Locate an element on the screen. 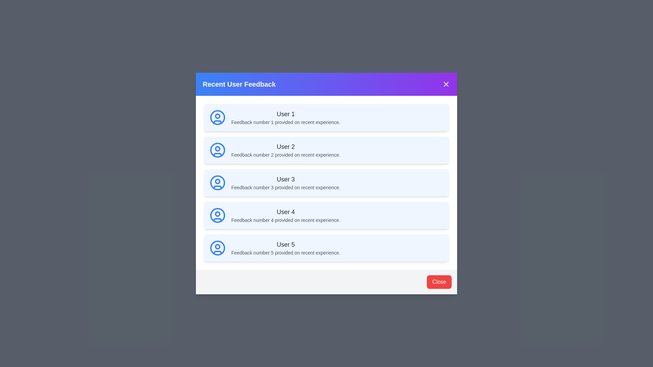 The height and width of the screenshot is (367, 653). the close button in the header to close the dialog is located at coordinates (446, 84).